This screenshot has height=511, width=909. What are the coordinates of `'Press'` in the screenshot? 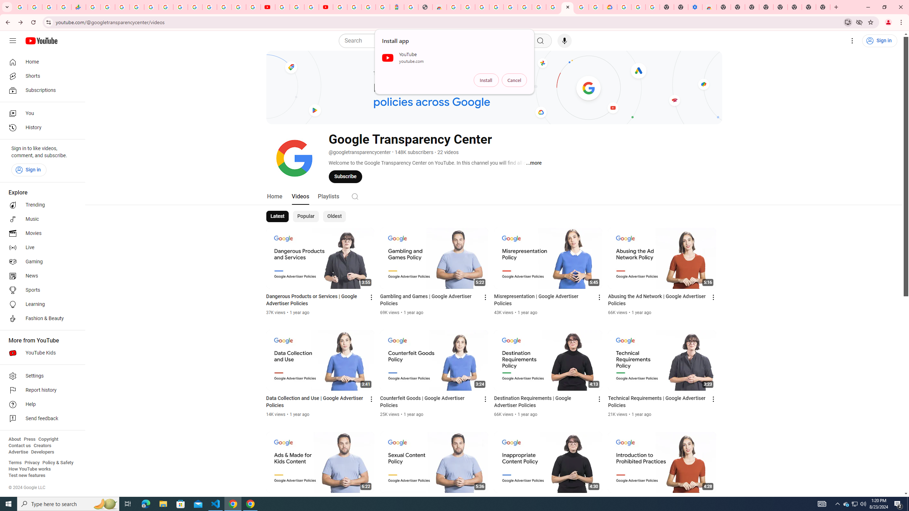 It's located at (29, 439).